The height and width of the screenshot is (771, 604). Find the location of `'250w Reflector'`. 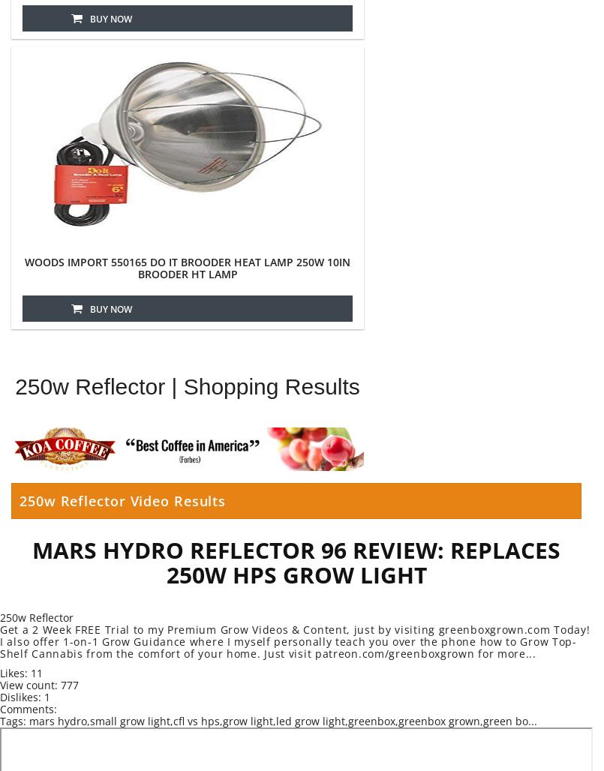

'250w Reflector' is located at coordinates (0, 617).